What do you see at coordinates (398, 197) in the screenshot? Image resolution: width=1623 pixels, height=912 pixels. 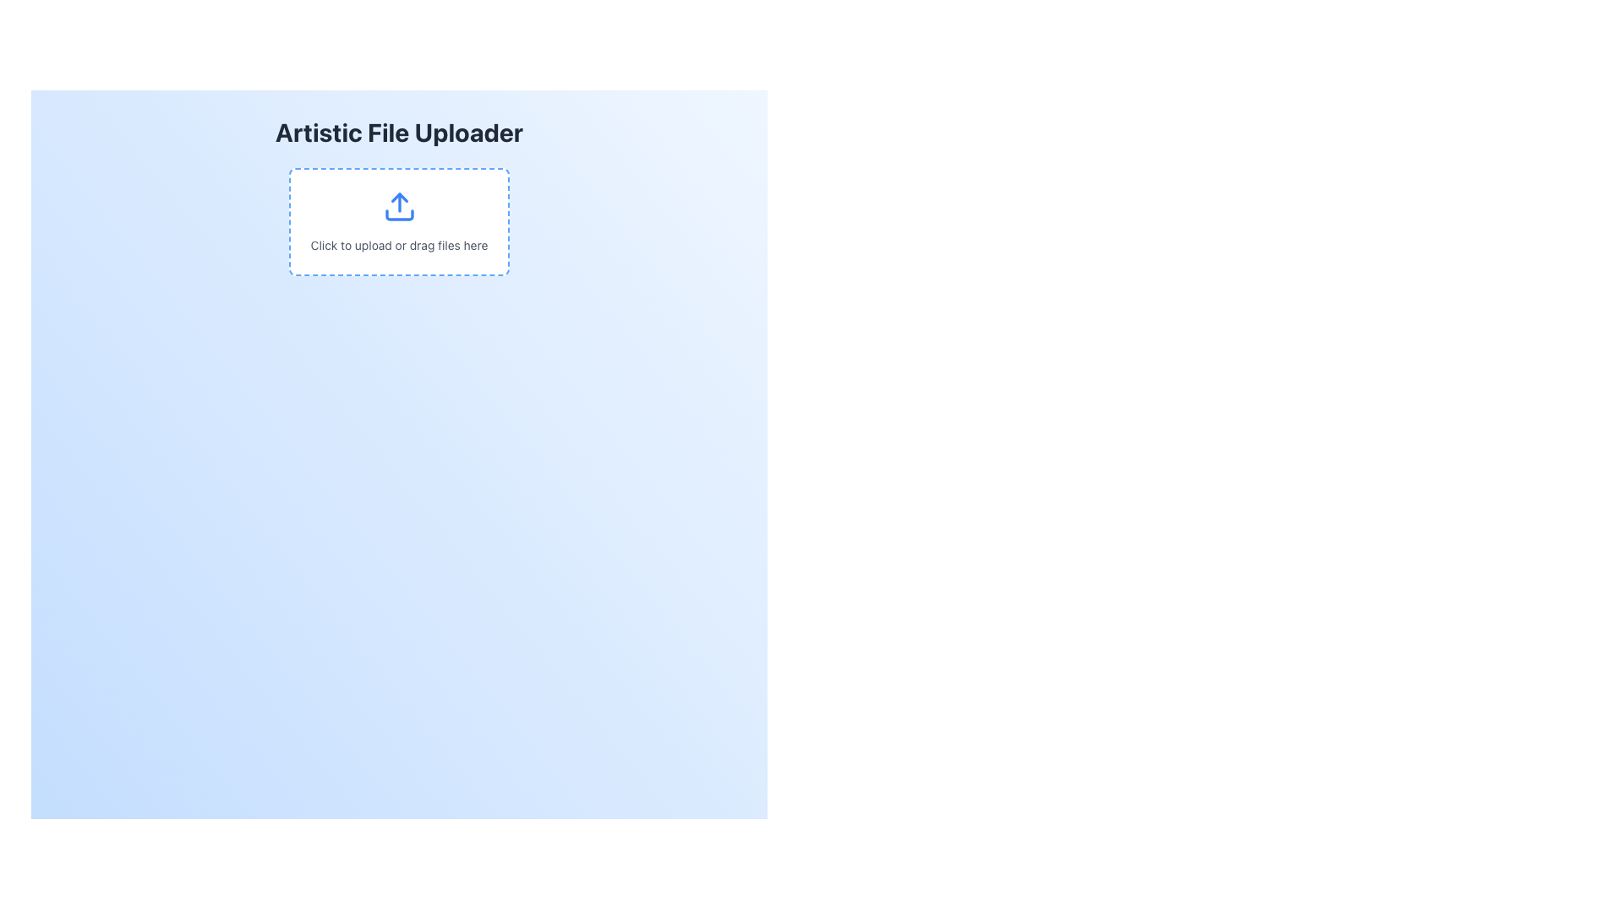 I see `the upward-pointing triangle in the file upload icon, which features a blue outline and is located at the top center of the upload area under 'Artistic File Uploader'` at bounding box center [398, 197].